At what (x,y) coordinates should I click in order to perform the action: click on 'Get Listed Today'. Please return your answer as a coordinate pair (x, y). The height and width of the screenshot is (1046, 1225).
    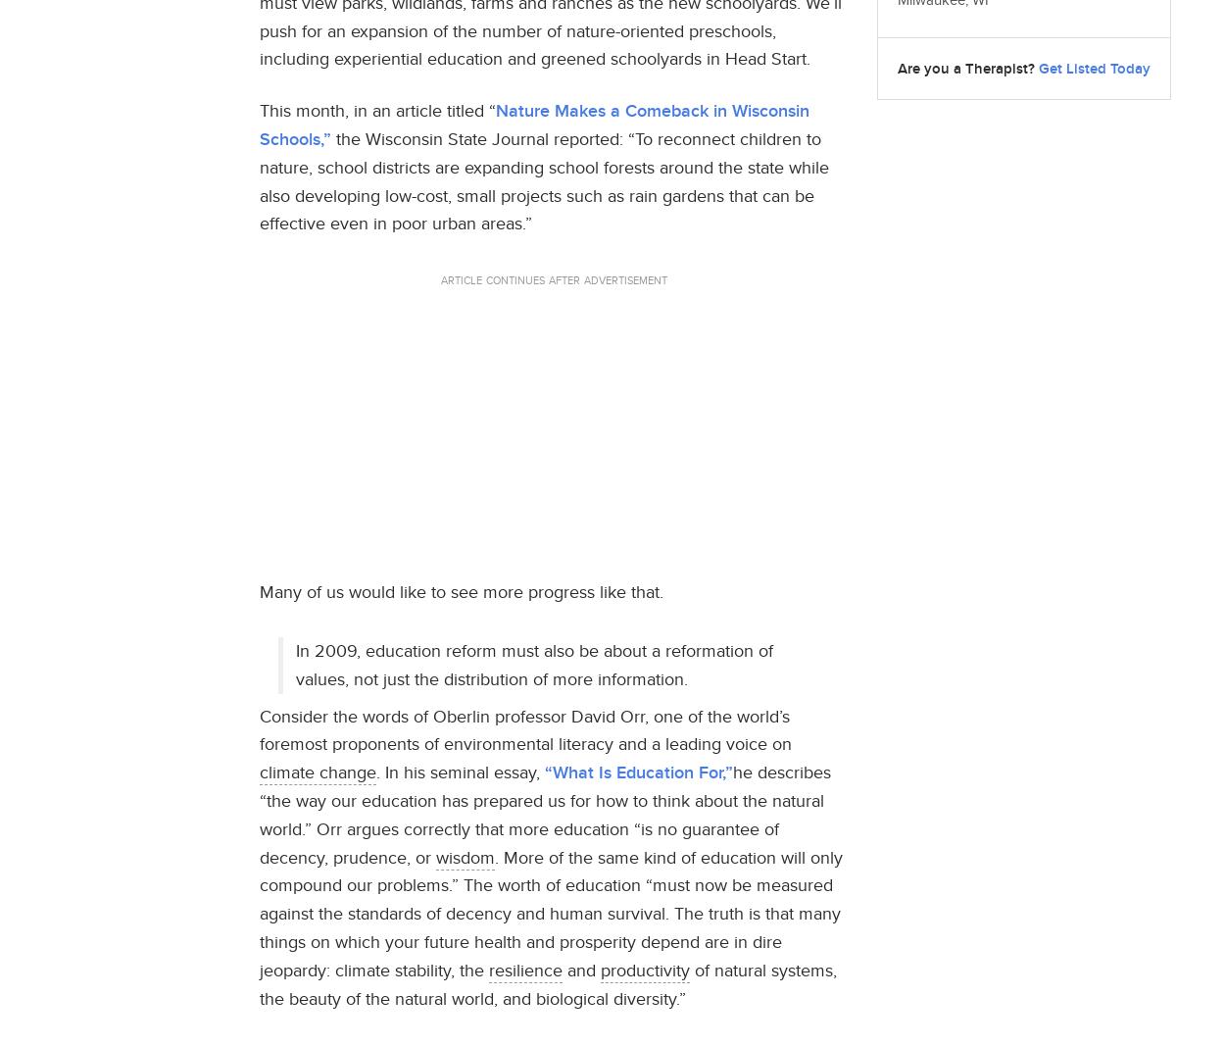
    Looking at the image, I should click on (1094, 67).